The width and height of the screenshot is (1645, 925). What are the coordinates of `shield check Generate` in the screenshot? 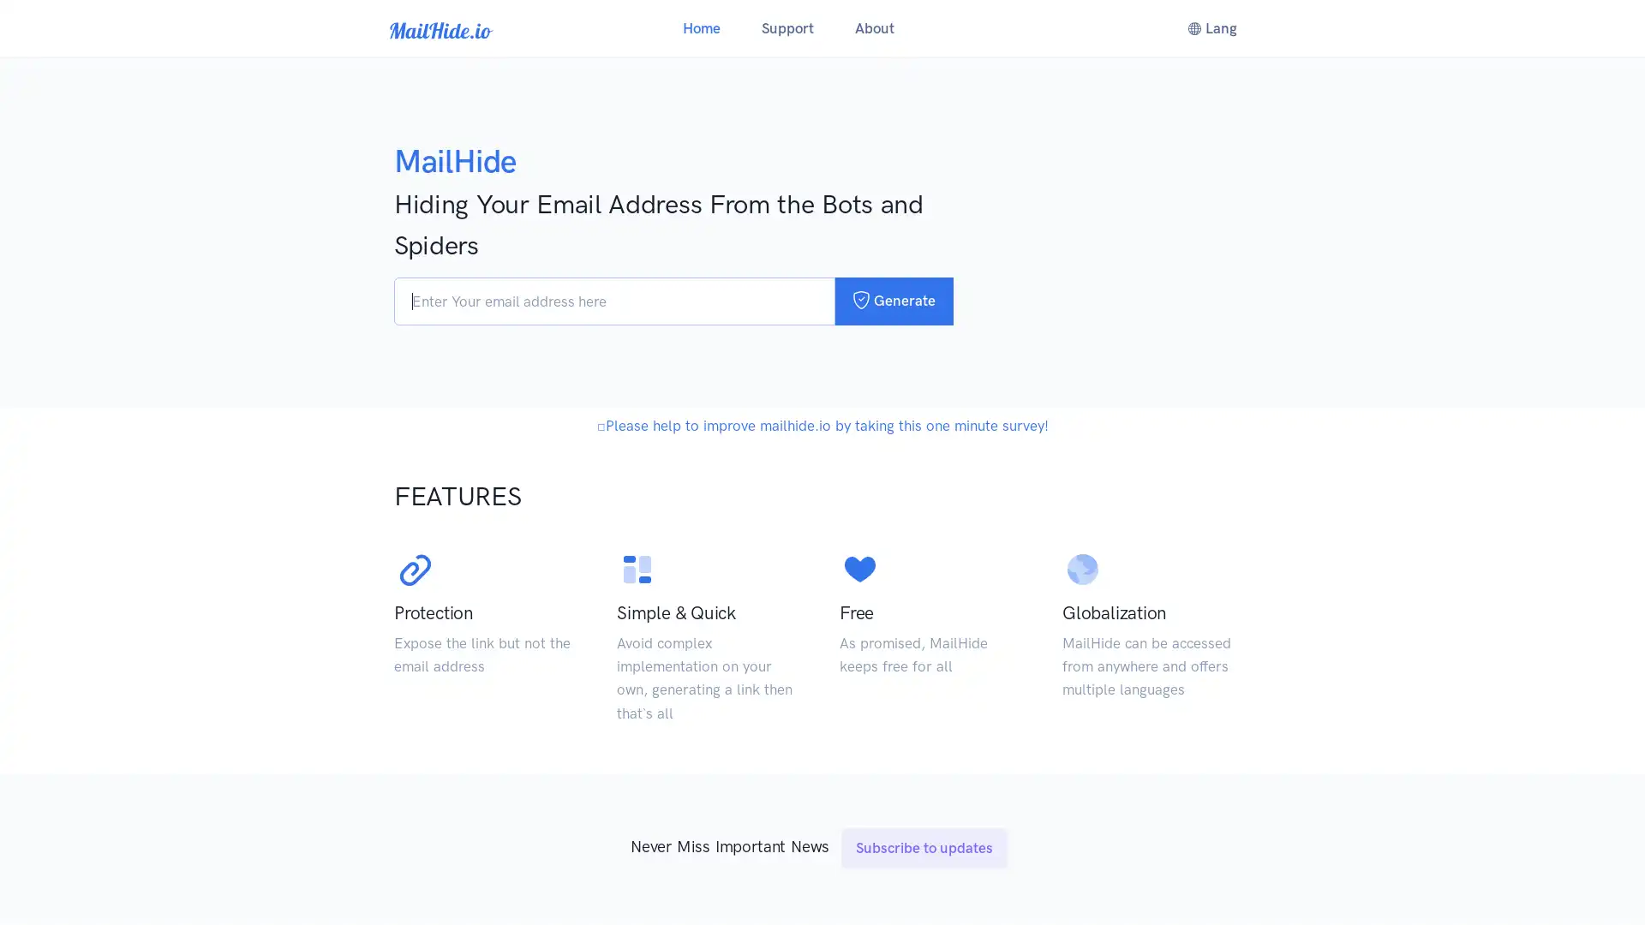 It's located at (893, 300).